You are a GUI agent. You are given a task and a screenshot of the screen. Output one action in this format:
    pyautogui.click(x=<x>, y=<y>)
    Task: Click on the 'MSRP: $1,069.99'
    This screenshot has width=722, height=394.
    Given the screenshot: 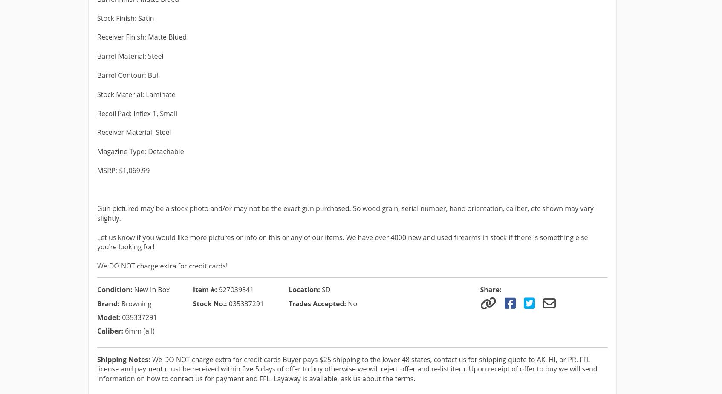 What is the action you would take?
    pyautogui.click(x=123, y=170)
    